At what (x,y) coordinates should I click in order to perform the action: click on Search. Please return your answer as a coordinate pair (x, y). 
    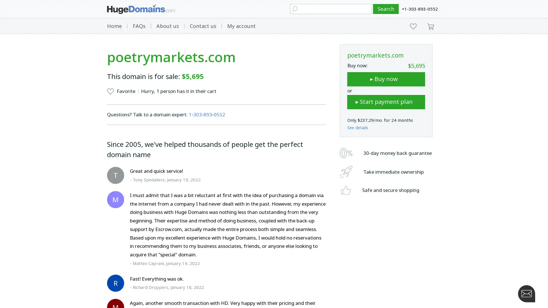
    Looking at the image, I should click on (386, 9).